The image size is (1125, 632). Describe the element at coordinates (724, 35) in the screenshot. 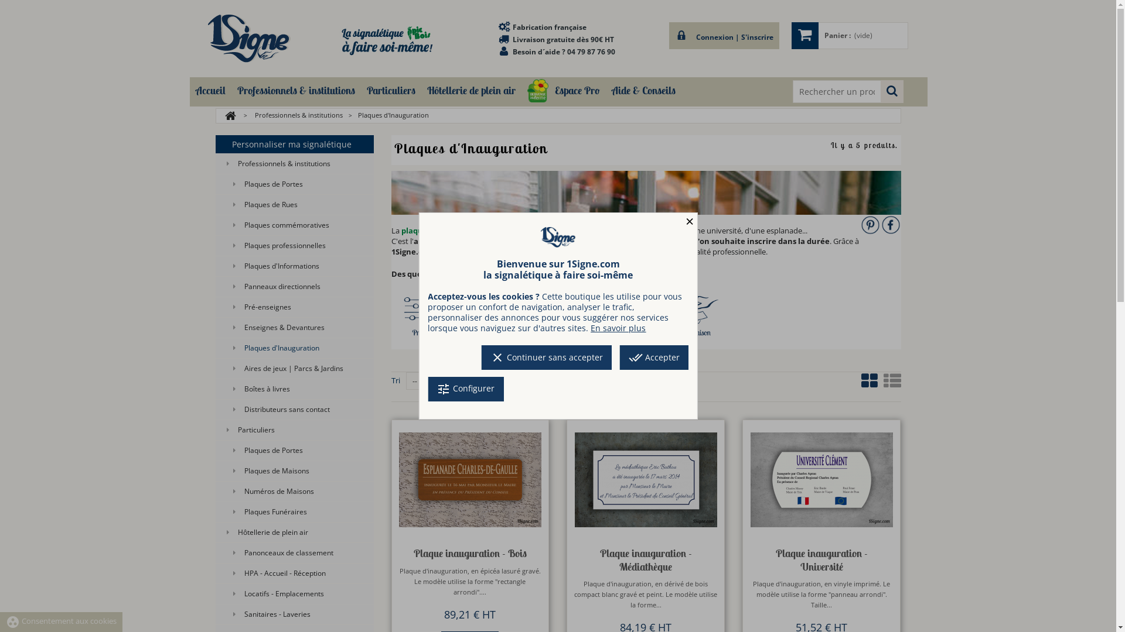

I see `'Connexion | S'inscrire'` at that location.